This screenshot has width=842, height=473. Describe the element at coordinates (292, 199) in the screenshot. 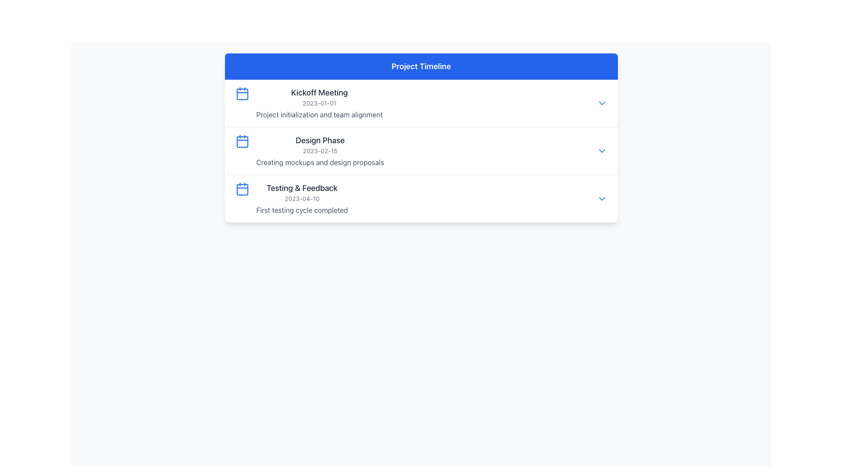

I see `text content of the timeline entry labeled 'Testing & Feedback', which includes the date '2023-04-10' and the description 'First testing cycle completed'` at that location.